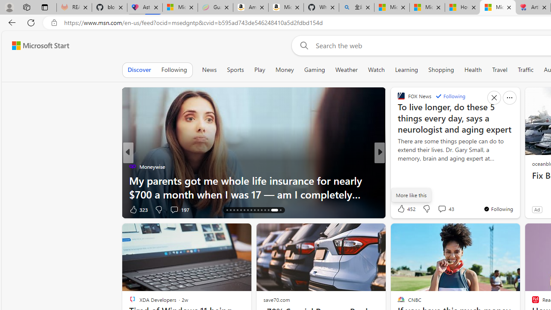  I want to click on 'View comments 43 Comment', so click(442, 209).